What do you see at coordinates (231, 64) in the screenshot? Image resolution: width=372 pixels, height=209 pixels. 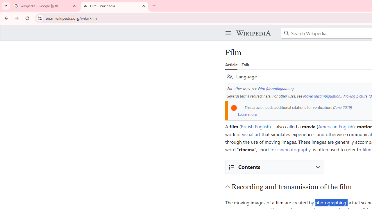 I see `'Article'` at bounding box center [231, 64].